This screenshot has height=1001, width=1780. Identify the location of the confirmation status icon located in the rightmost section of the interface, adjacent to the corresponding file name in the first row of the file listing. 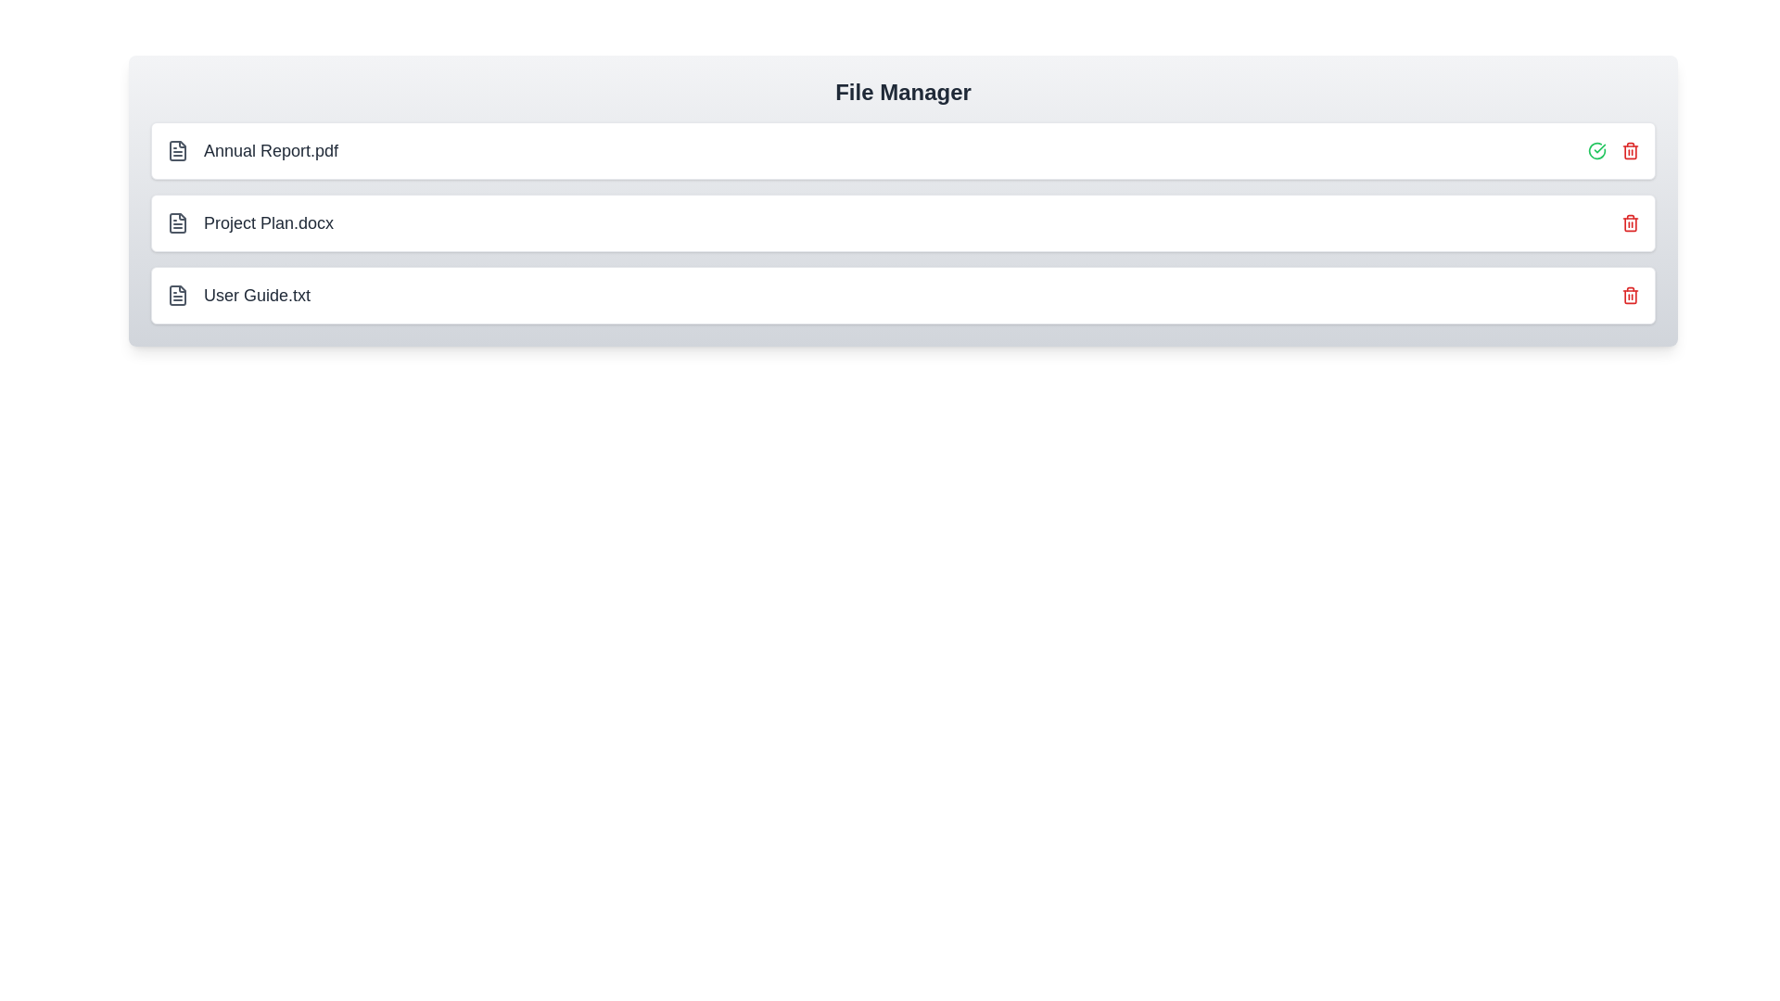
(1596, 149).